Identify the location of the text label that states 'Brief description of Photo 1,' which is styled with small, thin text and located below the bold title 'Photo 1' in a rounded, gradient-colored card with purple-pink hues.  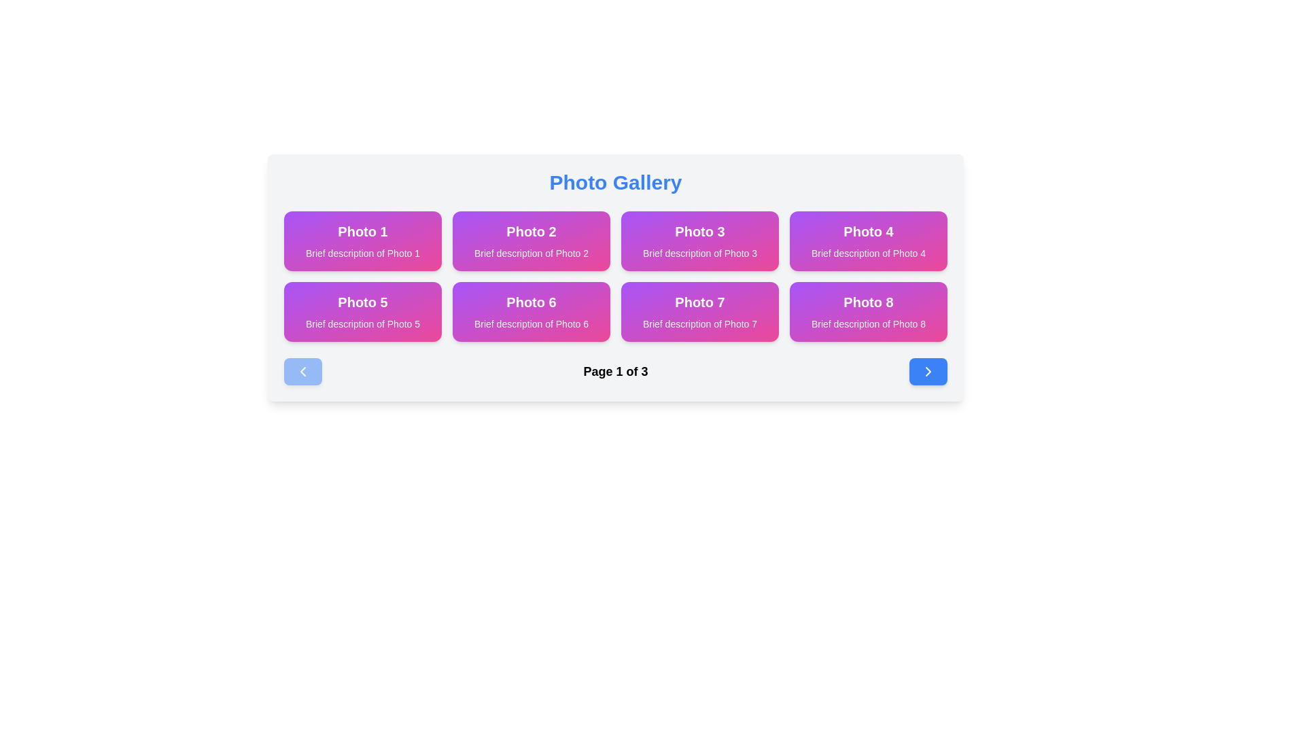
(362, 254).